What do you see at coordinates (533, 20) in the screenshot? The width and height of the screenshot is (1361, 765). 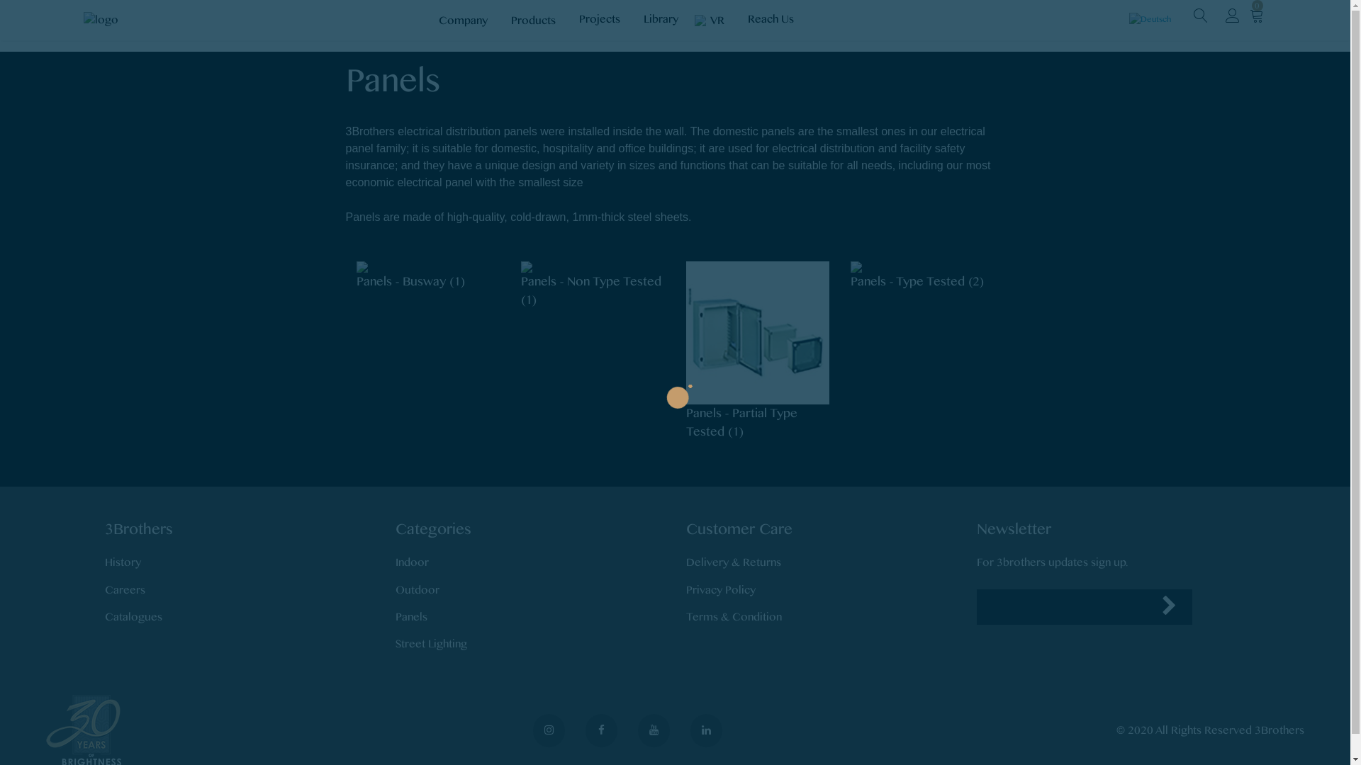 I see `'Products'` at bounding box center [533, 20].